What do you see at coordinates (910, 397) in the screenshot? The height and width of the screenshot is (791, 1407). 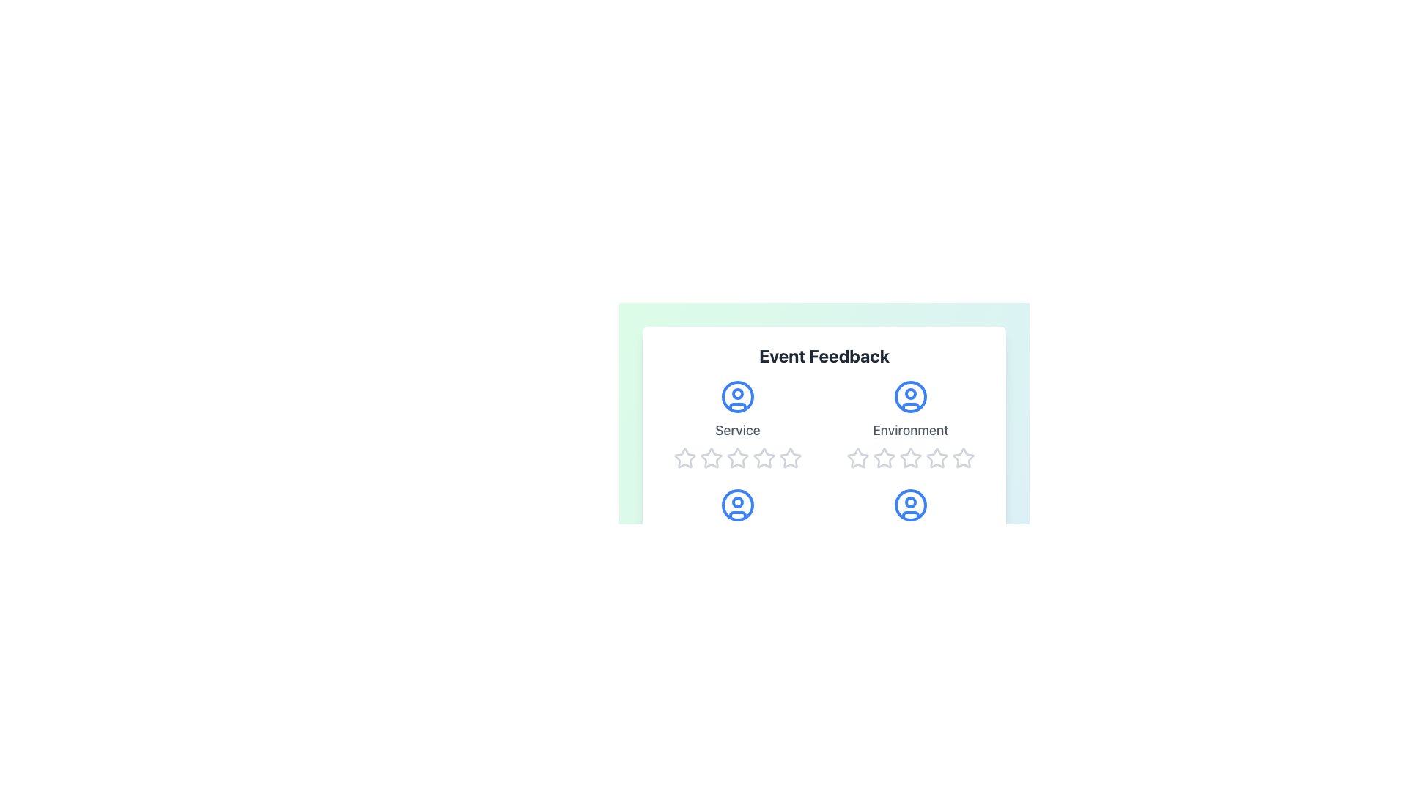 I see `the circular outline of the user profile icon located under the 'Environment' label in the 'Event Feedback' section` at bounding box center [910, 397].